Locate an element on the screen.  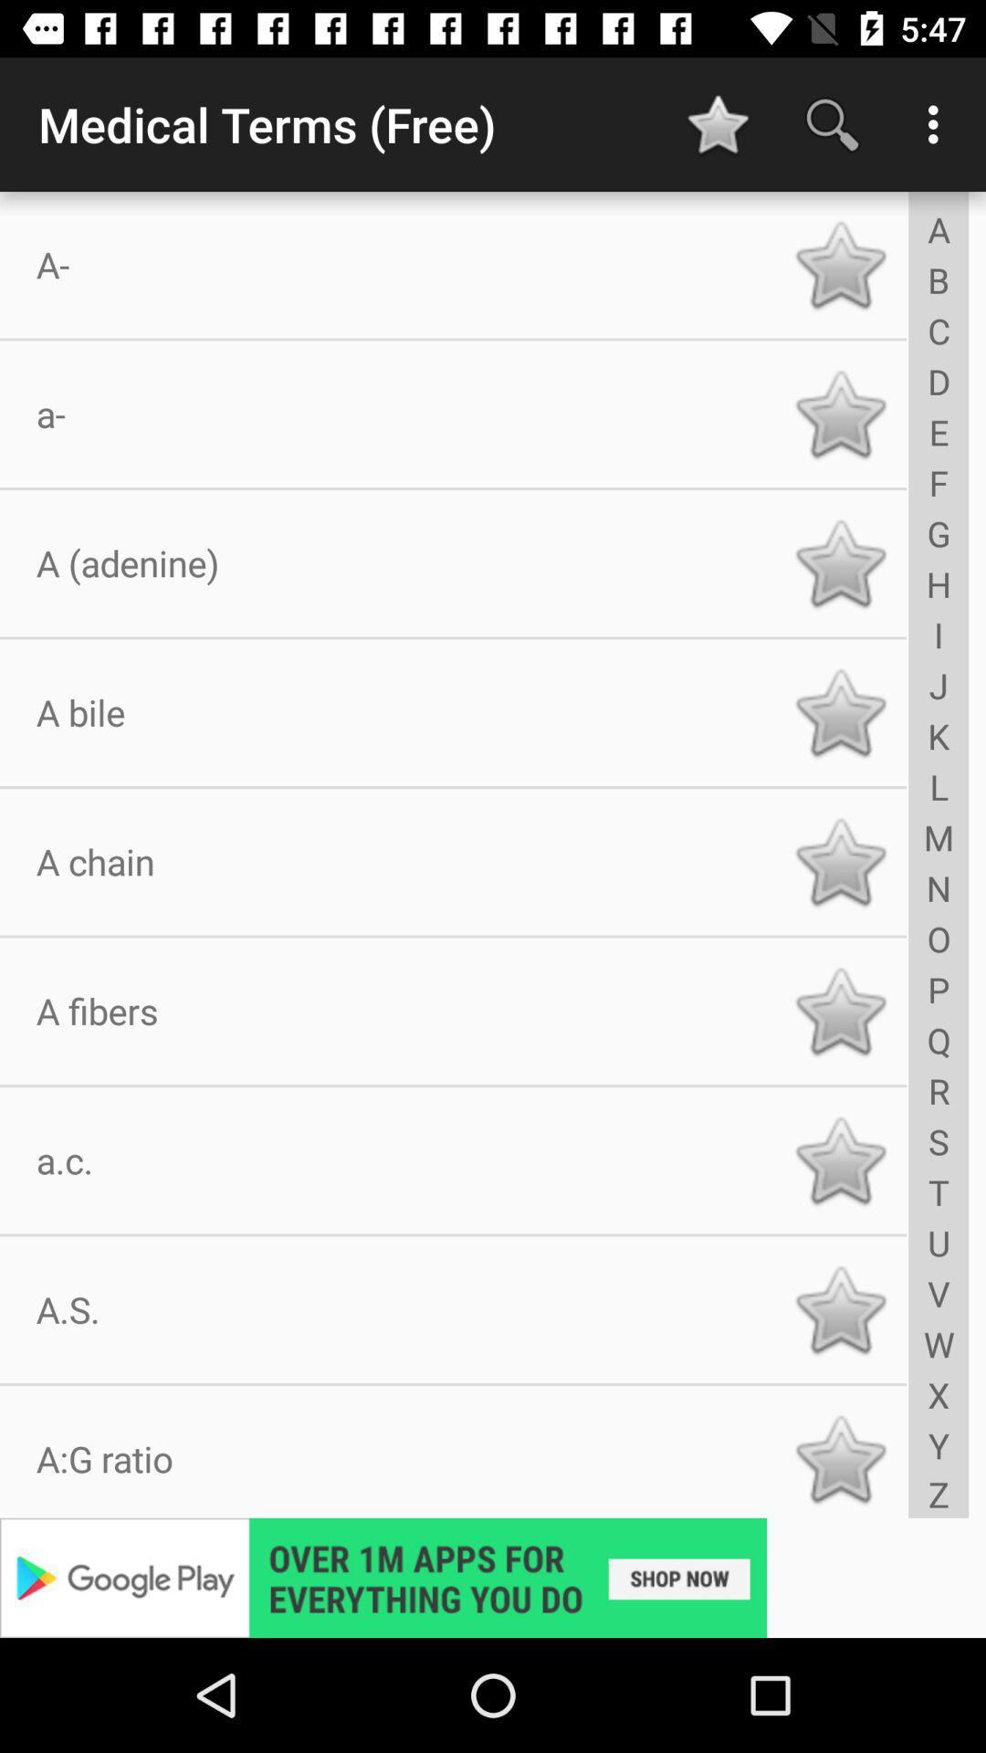
to favorites is located at coordinates (840, 264).